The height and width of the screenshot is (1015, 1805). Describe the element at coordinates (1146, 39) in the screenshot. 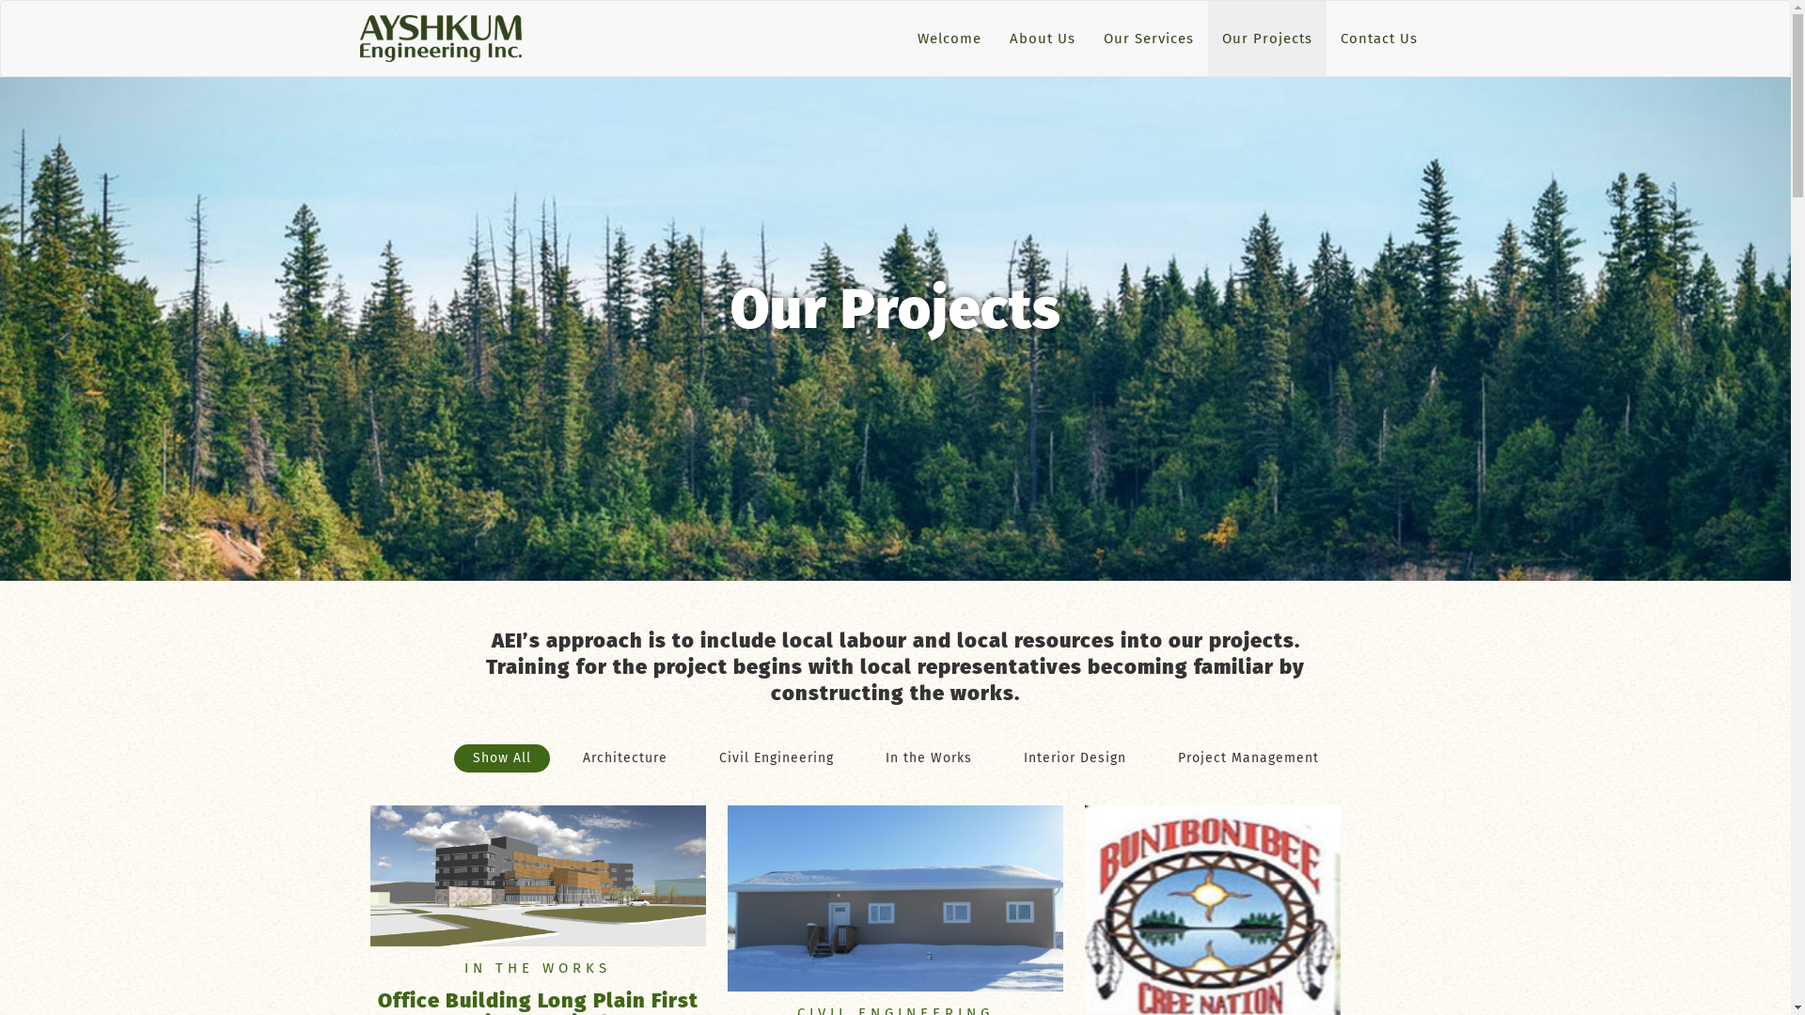

I see `'Our Services'` at that location.